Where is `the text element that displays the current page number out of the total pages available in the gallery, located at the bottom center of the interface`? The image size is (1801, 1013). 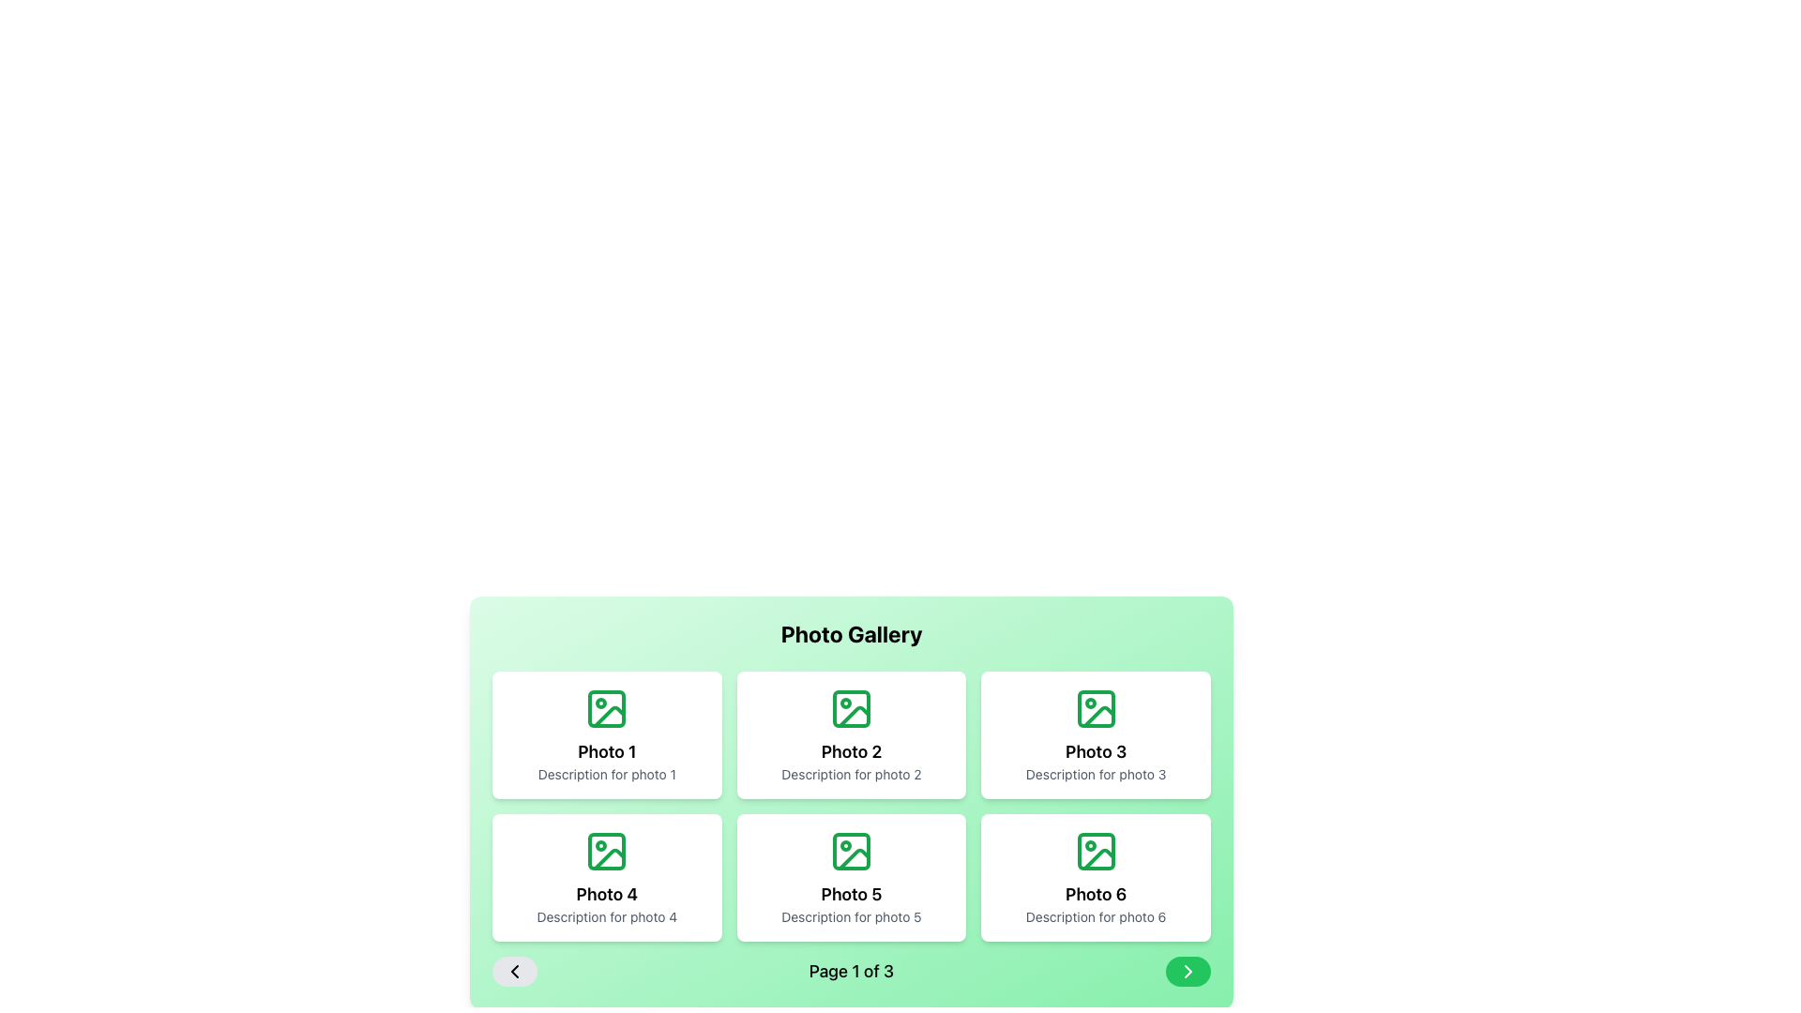
the text element that displays the current page number out of the total pages available in the gallery, located at the bottom center of the interface is located at coordinates (850, 971).